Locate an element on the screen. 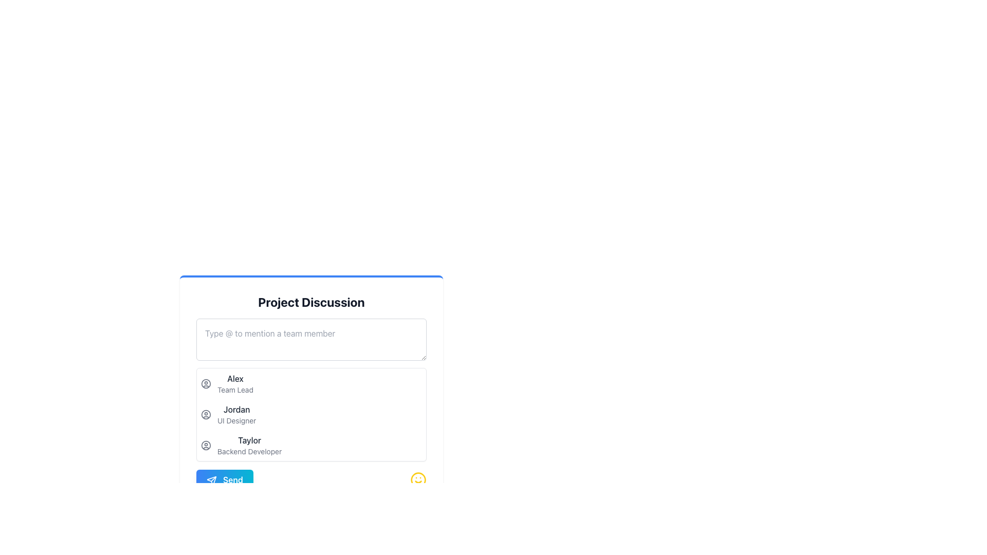 The height and width of the screenshot is (555, 987). the leftmost SVG icon representing a user in the user card for 'Alex Team Lead' is located at coordinates (206, 384).